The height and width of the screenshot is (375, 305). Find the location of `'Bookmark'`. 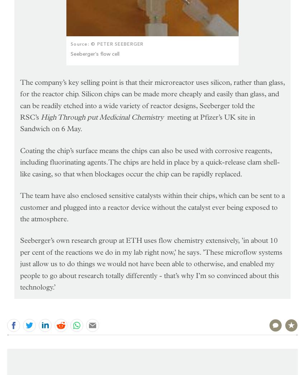

'Bookmark' is located at coordinates (281, 307).